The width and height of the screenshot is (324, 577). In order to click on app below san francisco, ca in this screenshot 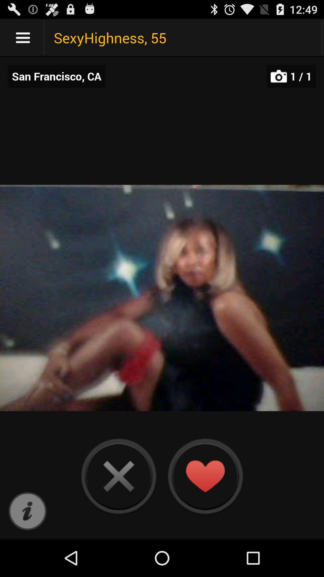, I will do `click(27, 511)`.